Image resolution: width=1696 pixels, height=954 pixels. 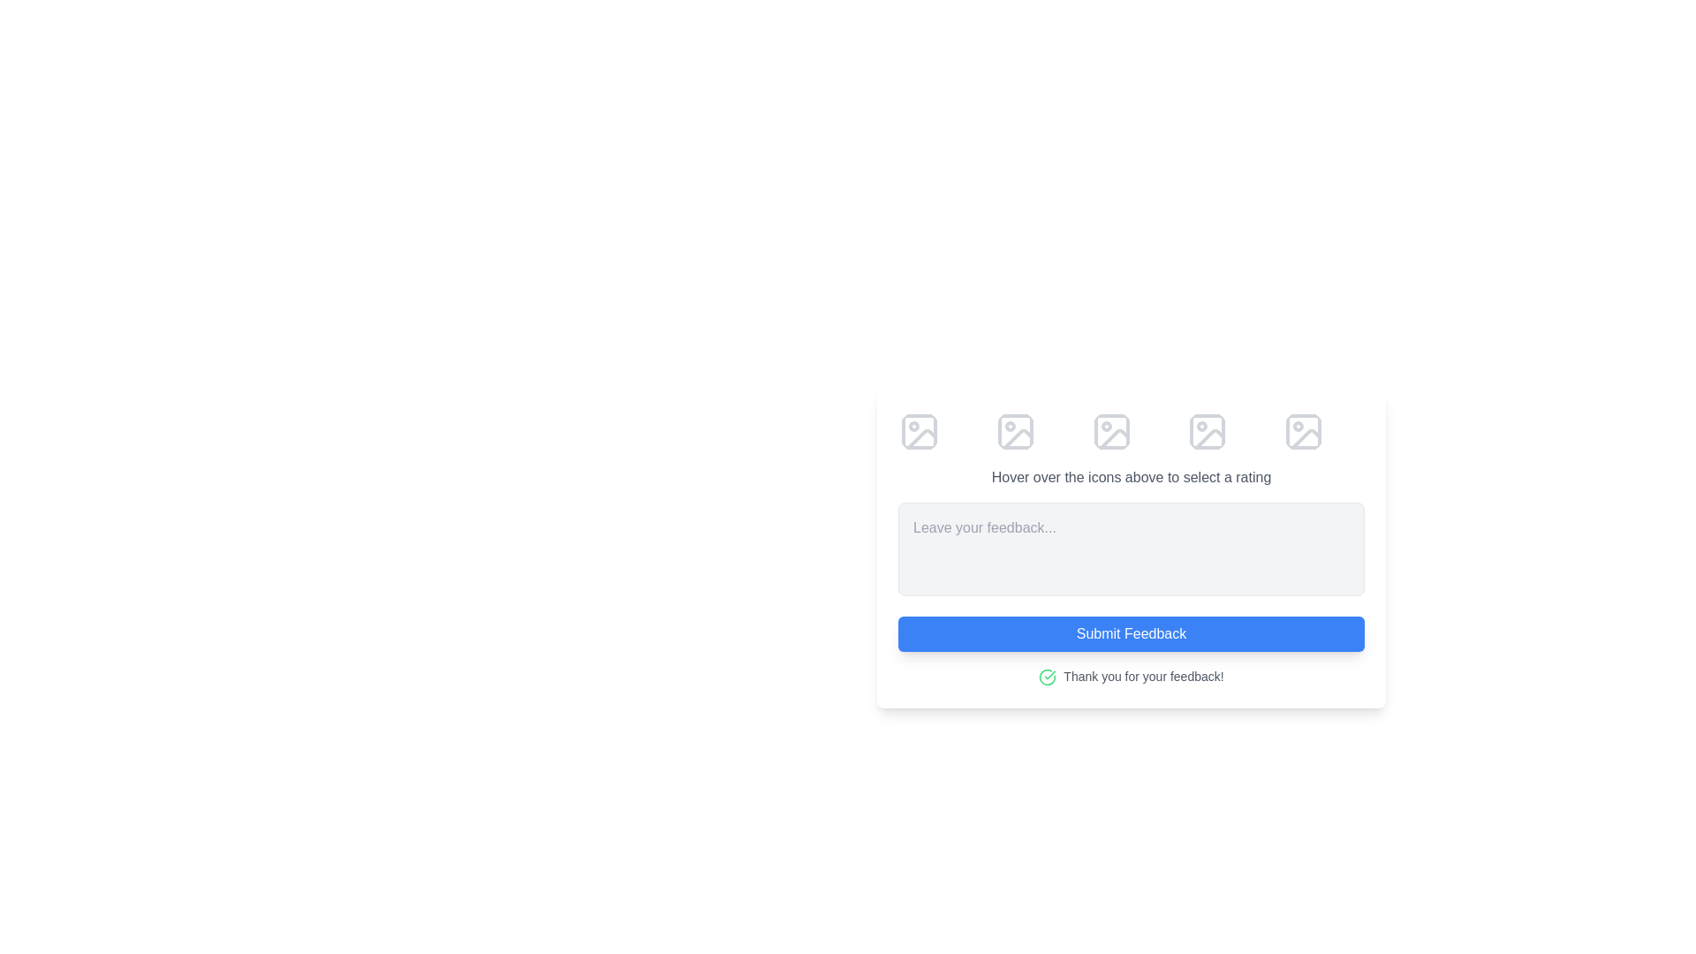 What do you see at coordinates (919, 432) in the screenshot?
I see `the first icon in the horizontal grid at the top-left corner` at bounding box center [919, 432].